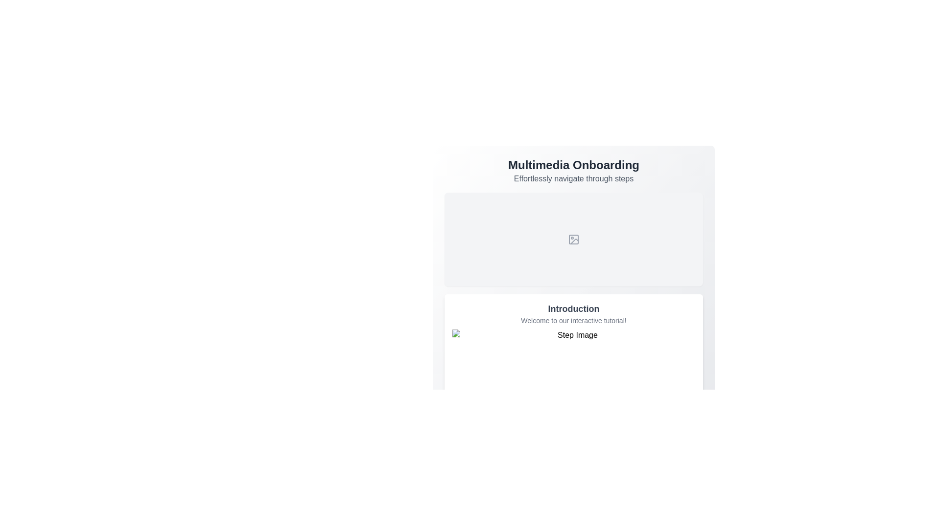 This screenshot has height=528, width=940. I want to click on prominent bold text displaying 'Multimedia Onboarding' to understand the section's context, so click(573, 165).